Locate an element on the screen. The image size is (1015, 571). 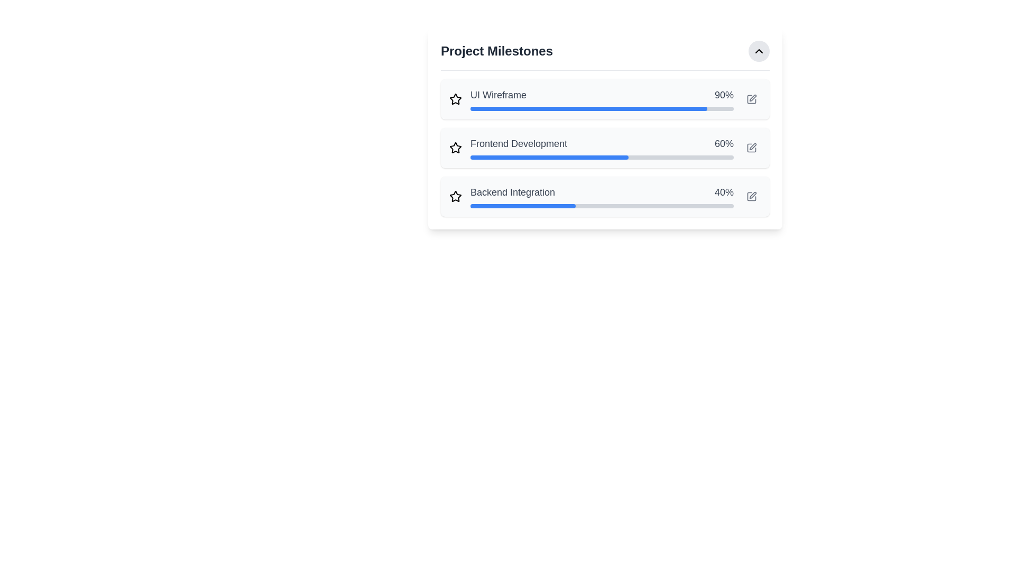
the second star icon in the vertical sequence that represents the status of the 'Frontend Development' milestone for interaction or toggling is located at coordinates (456, 99).